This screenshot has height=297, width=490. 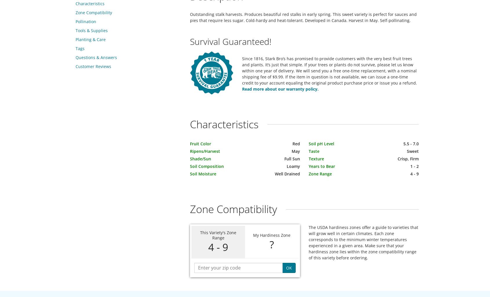 What do you see at coordinates (408, 159) in the screenshot?
I see `'Crisp, Firm'` at bounding box center [408, 159].